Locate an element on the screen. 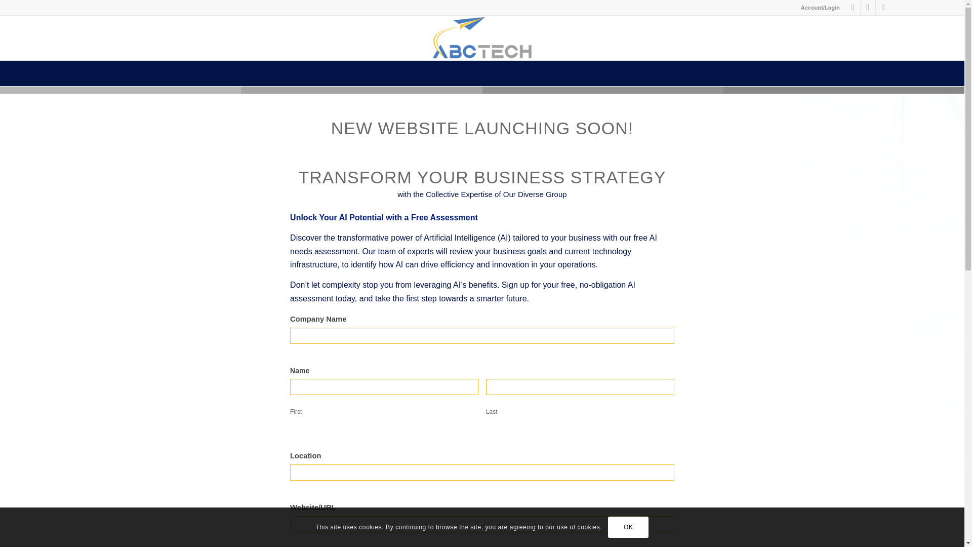 This screenshot has height=547, width=972. 'Twitter' is located at coordinates (852, 8).